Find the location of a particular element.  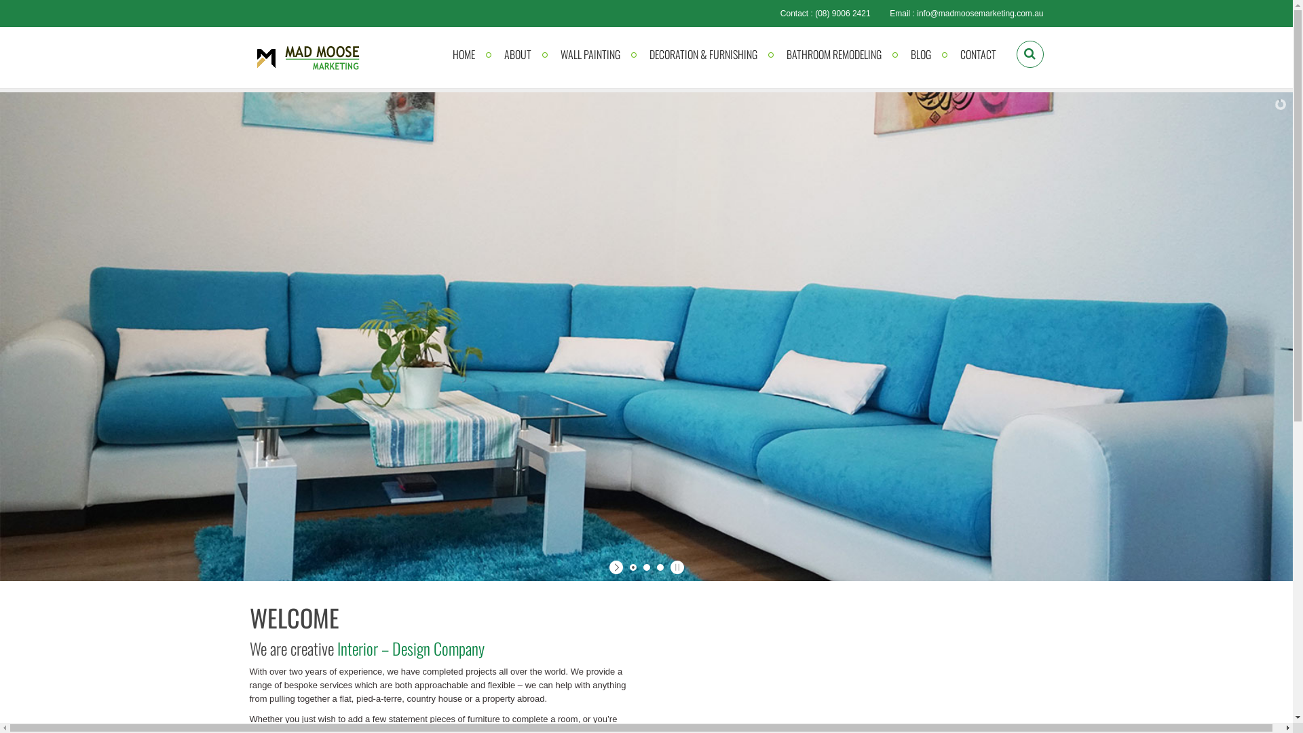

'WALL PAINTING' is located at coordinates (590, 54).